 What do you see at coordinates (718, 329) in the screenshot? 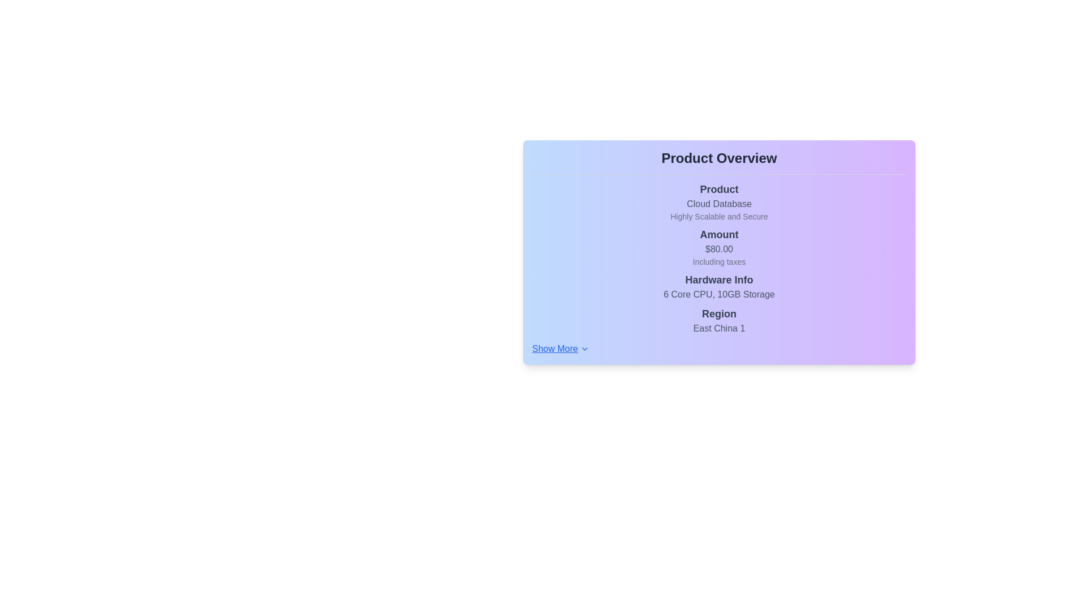
I see `the textual label that reads 'East China 1', styled in gray and positioned below the 'Region' heading` at bounding box center [718, 329].